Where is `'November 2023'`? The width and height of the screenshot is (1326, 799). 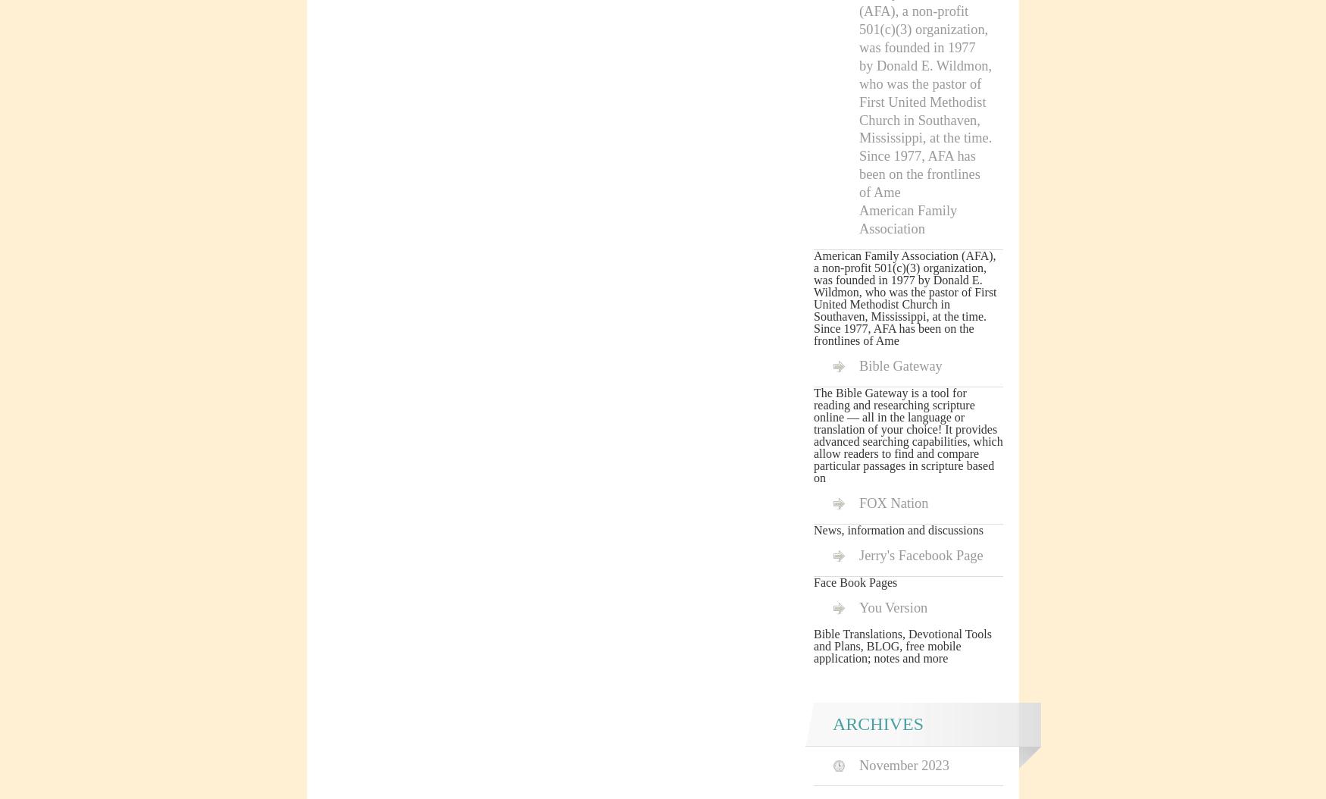
'November 2023' is located at coordinates (858, 763).